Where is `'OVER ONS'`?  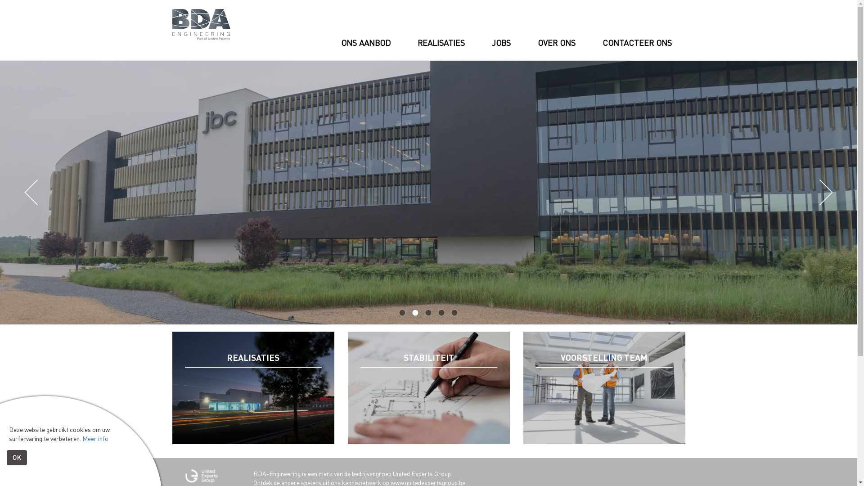 'OVER ONS' is located at coordinates (556, 50).